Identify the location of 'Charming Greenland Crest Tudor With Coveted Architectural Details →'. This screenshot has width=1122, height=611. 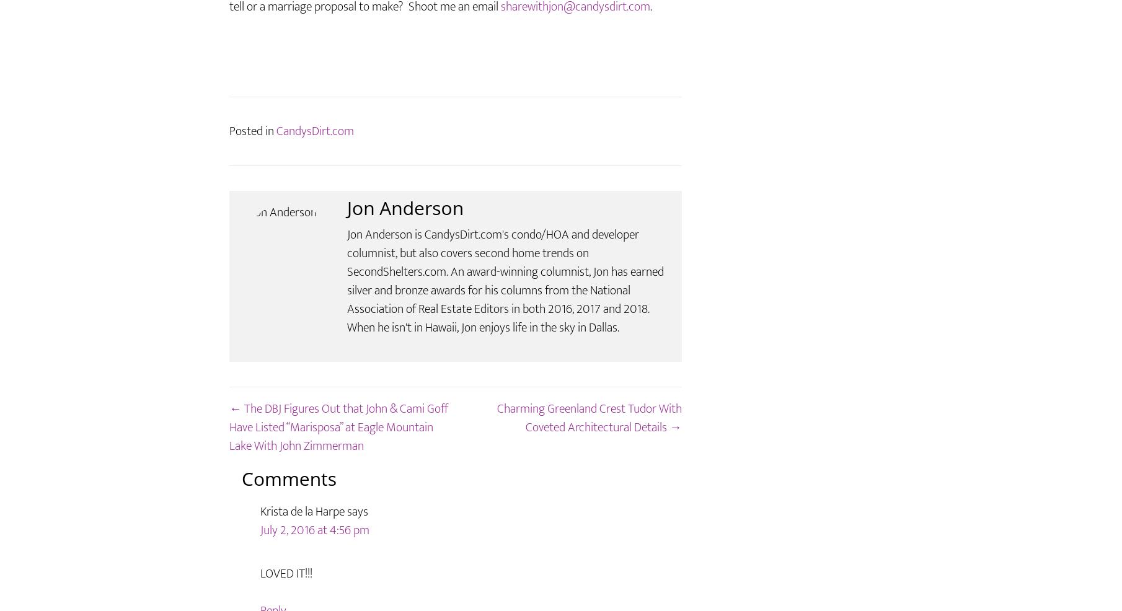
(589, 453).